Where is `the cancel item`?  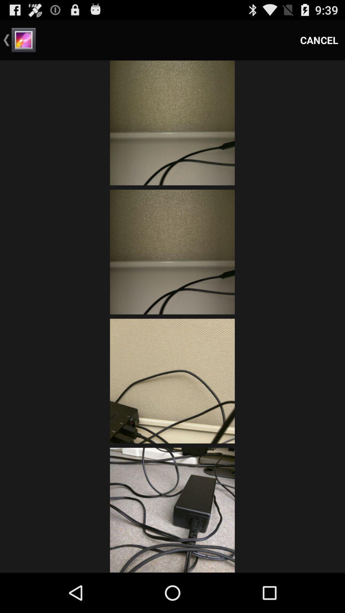
the cancel item is located at coordinates (319, 40).